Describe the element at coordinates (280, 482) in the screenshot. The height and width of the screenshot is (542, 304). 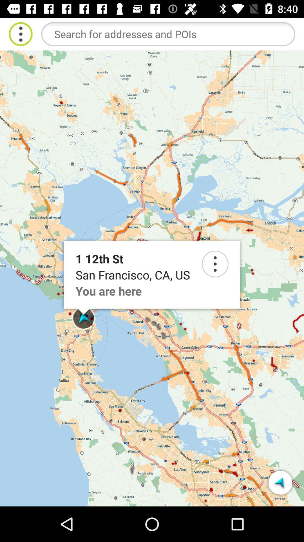
I see `route way` at that location.